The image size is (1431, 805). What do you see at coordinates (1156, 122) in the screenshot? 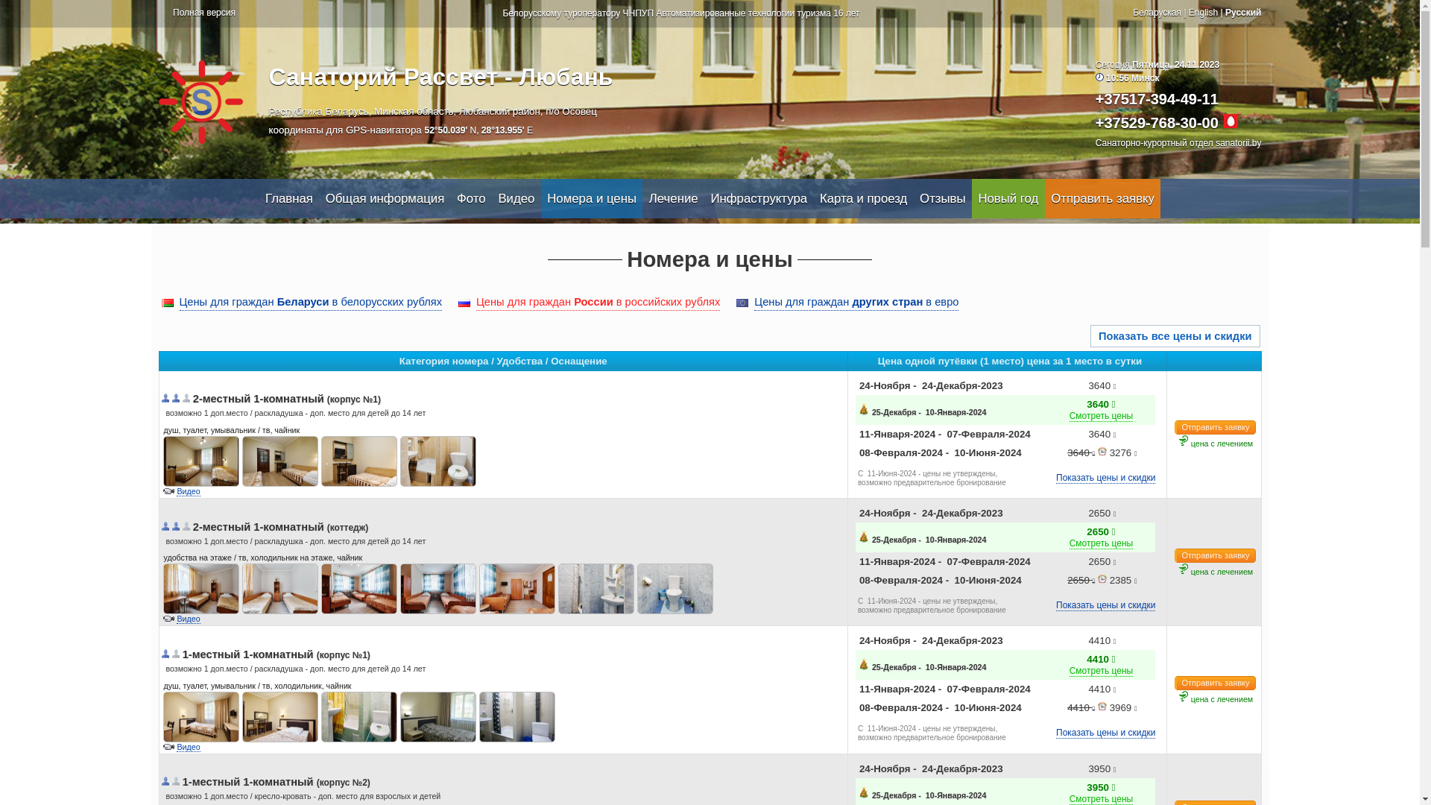
I see `'+37529-768-30-00'` at bounding box center [1156, 122].